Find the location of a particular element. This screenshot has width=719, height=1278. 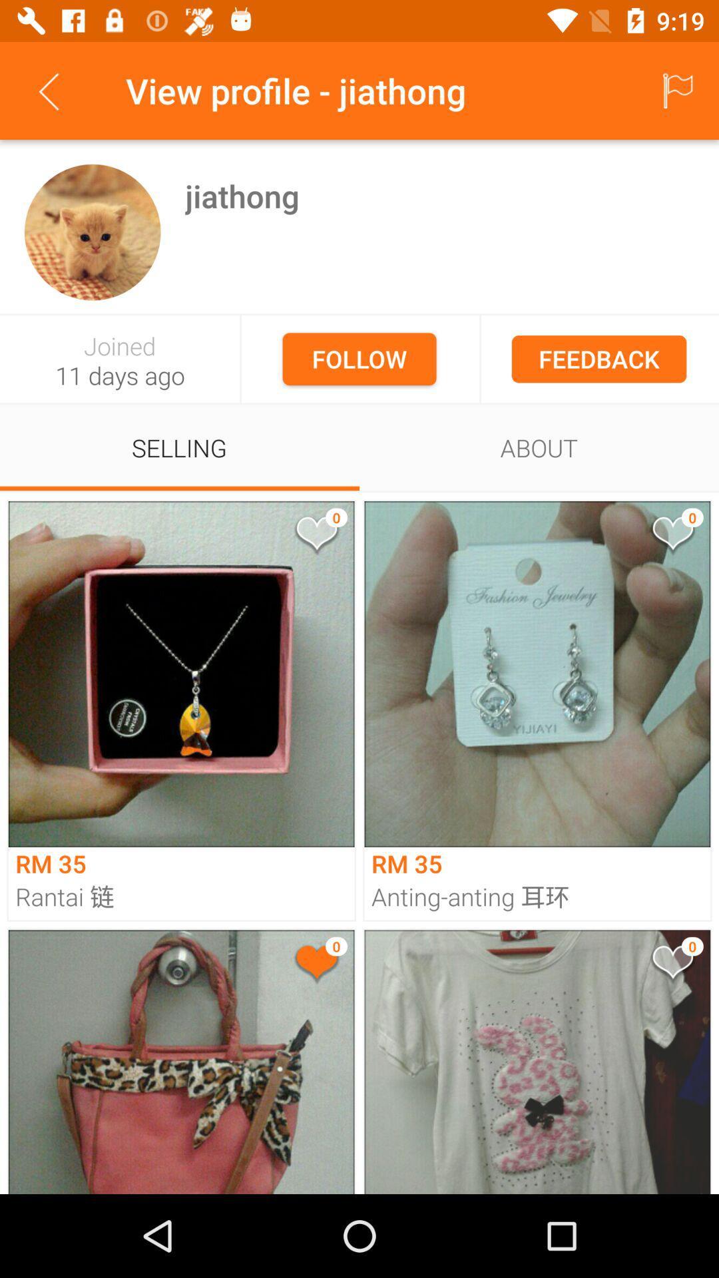

follow is located at coordinates (359, 359).